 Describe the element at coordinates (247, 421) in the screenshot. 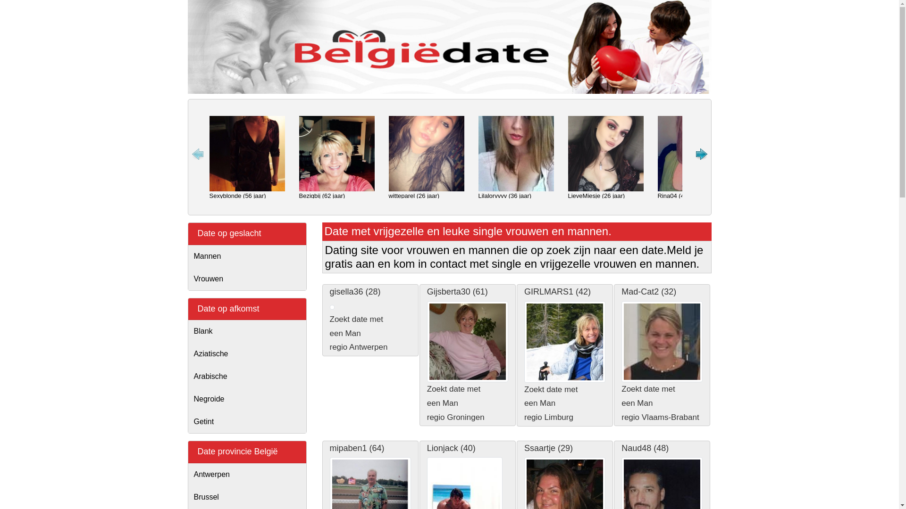

I see `'Getint'` at that location.